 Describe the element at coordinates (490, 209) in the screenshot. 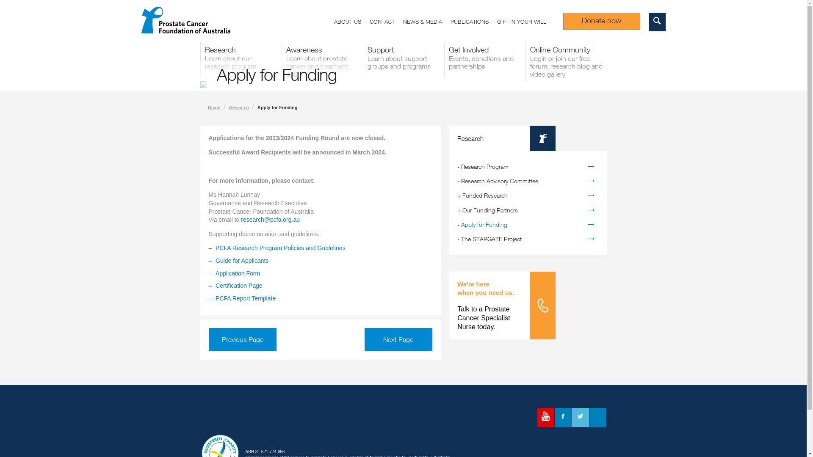

I see `'Our Funding Partners'` at that location.